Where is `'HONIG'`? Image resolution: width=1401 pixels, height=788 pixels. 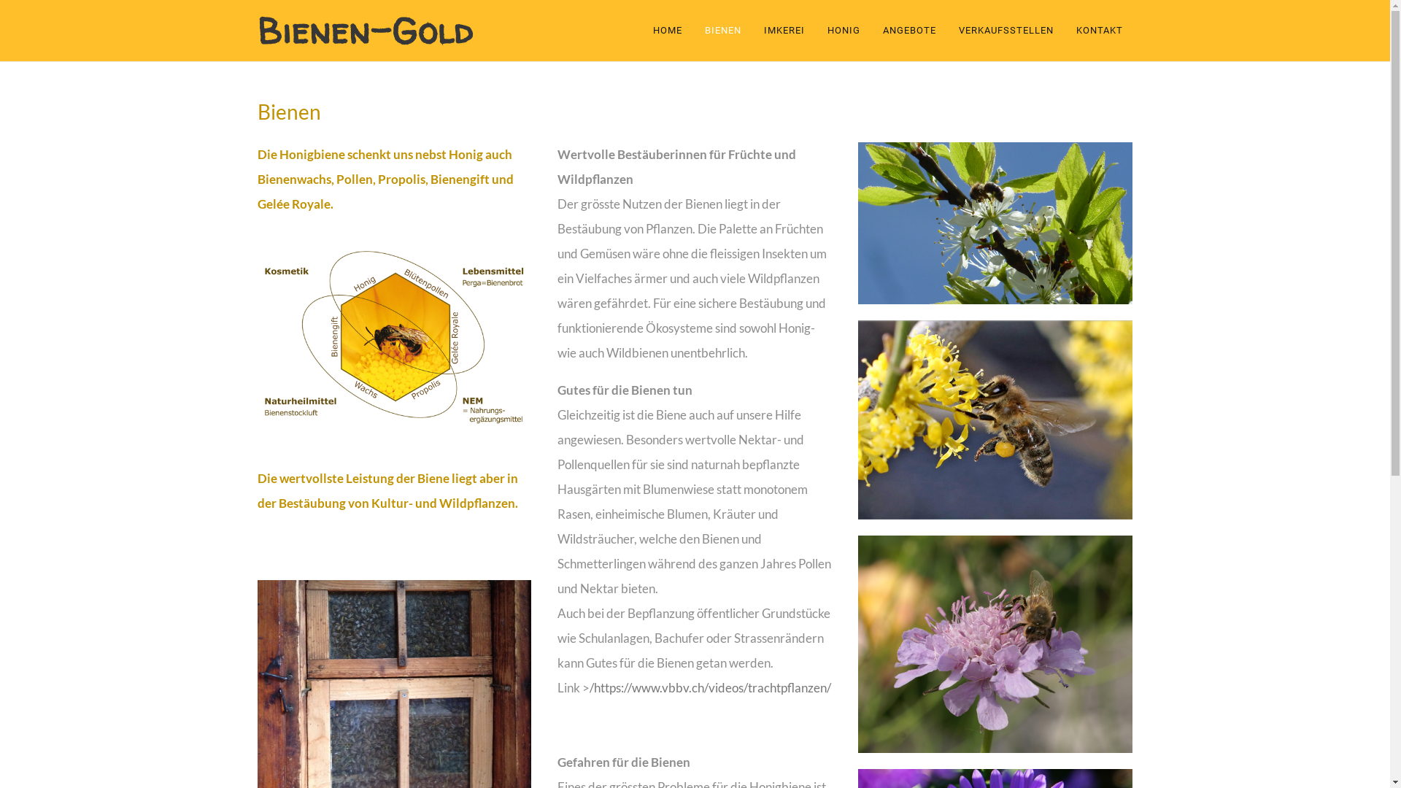 'HONIG' is located at coordinates (844, 31).